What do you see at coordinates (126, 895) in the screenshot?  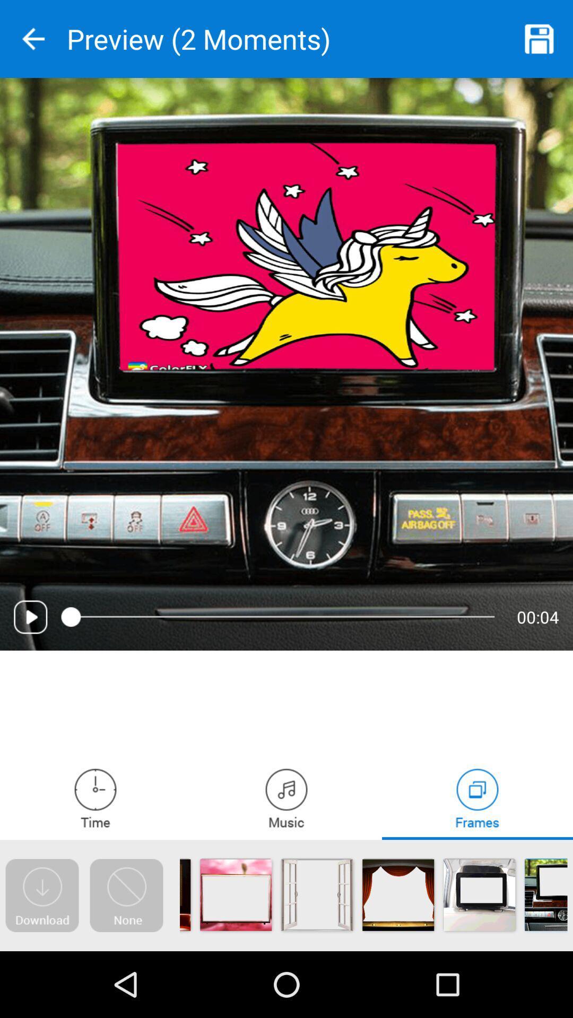 I see `none` at bounding box center [126, 895].